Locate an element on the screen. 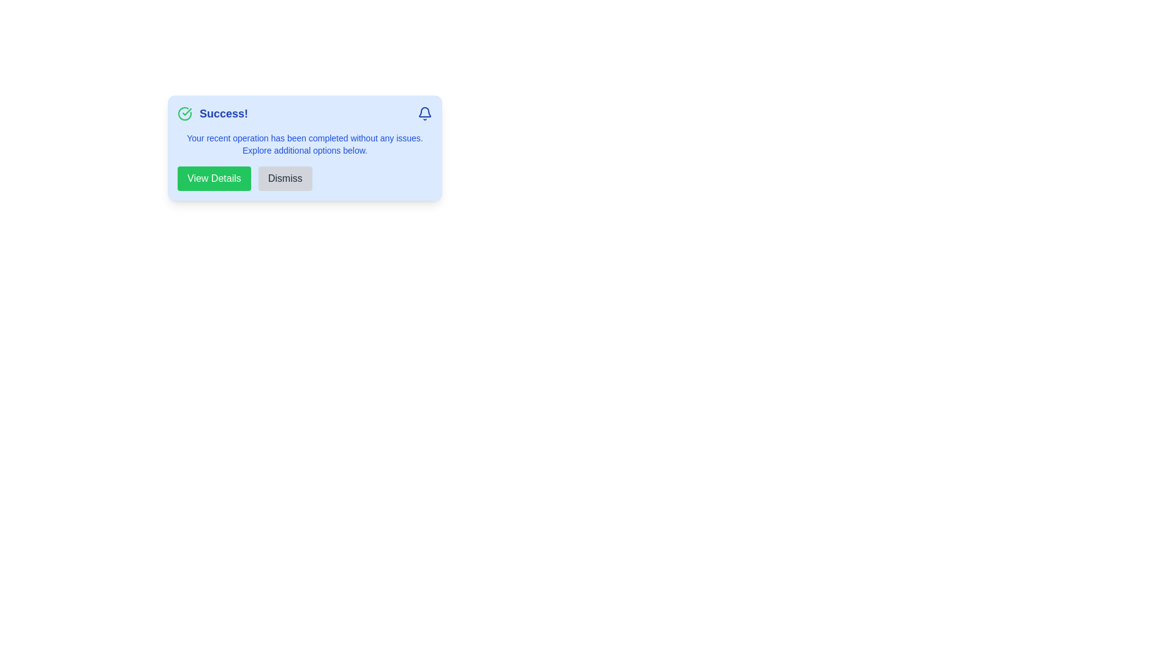 The width and height of the screenshot is (1176, 661). the bell icon to view notifications is located at coordinates (425, 113).